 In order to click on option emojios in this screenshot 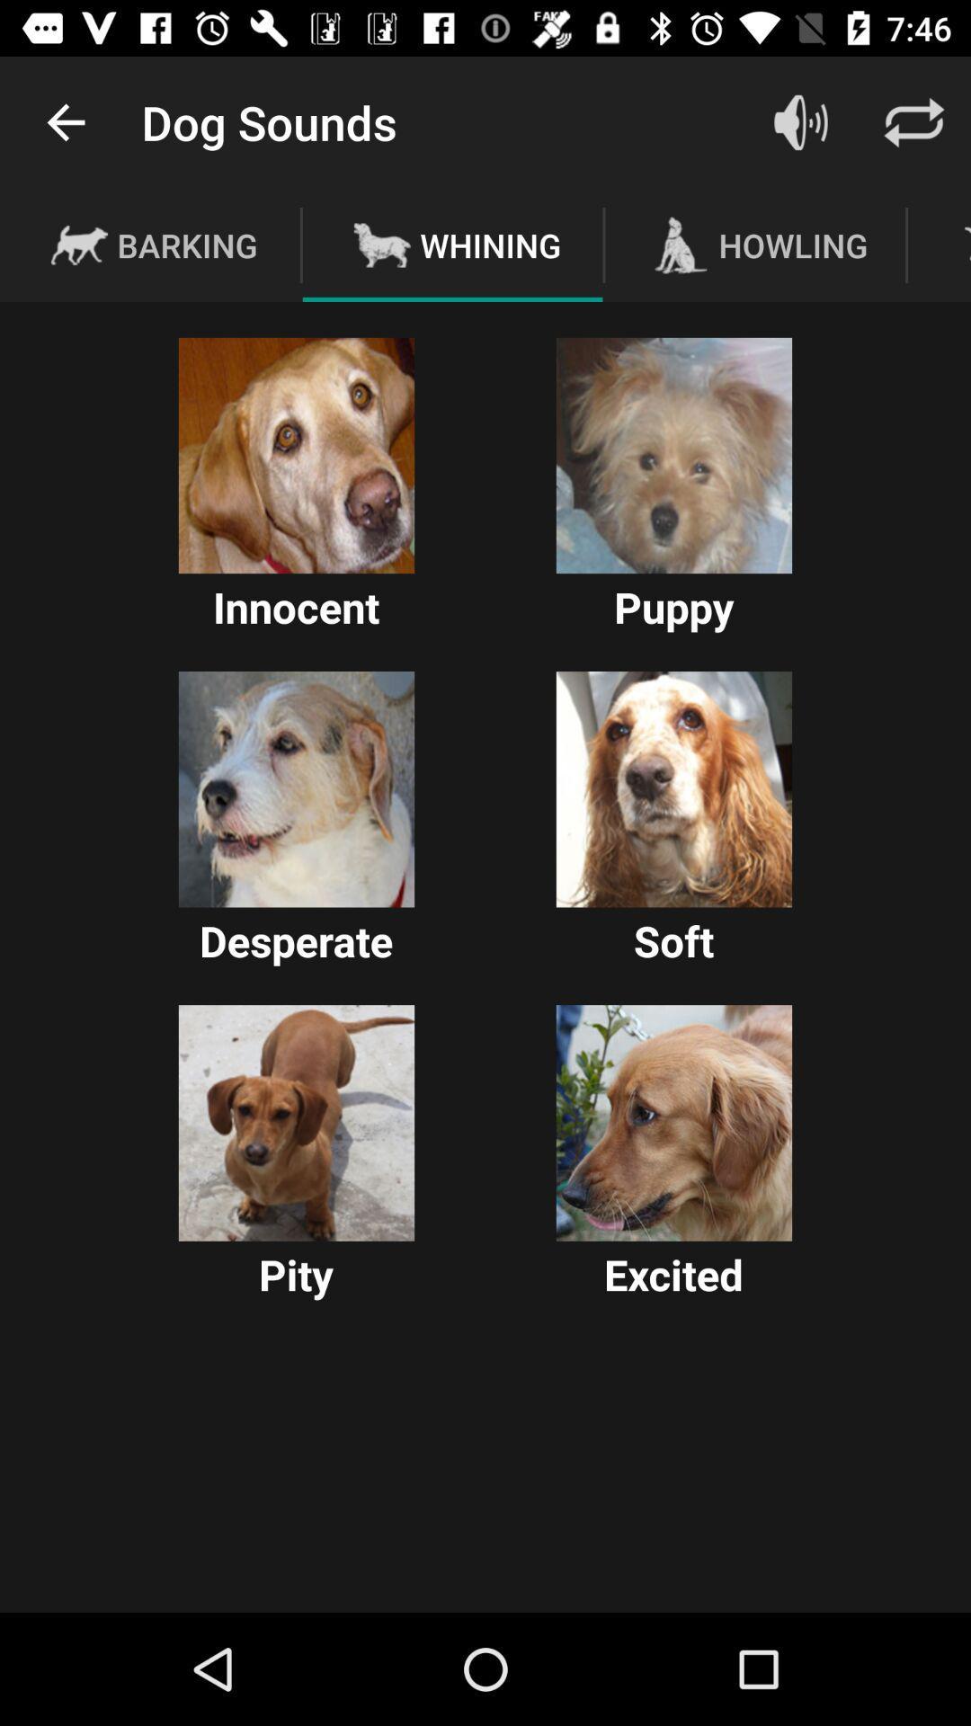, I will do `click(296, 1122)`.